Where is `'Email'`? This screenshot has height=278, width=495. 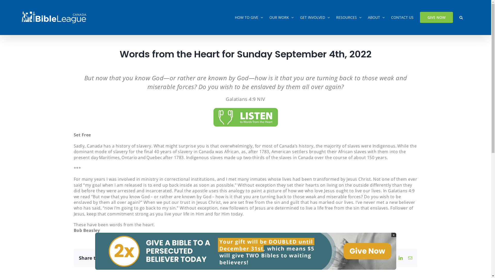 'Email' is located at coordinates (410, 258).